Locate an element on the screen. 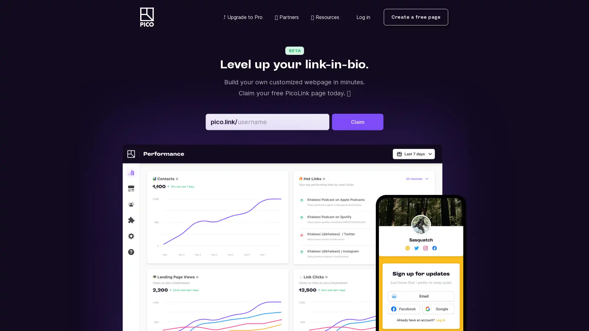  Claim is located at coordinates (358, 122).